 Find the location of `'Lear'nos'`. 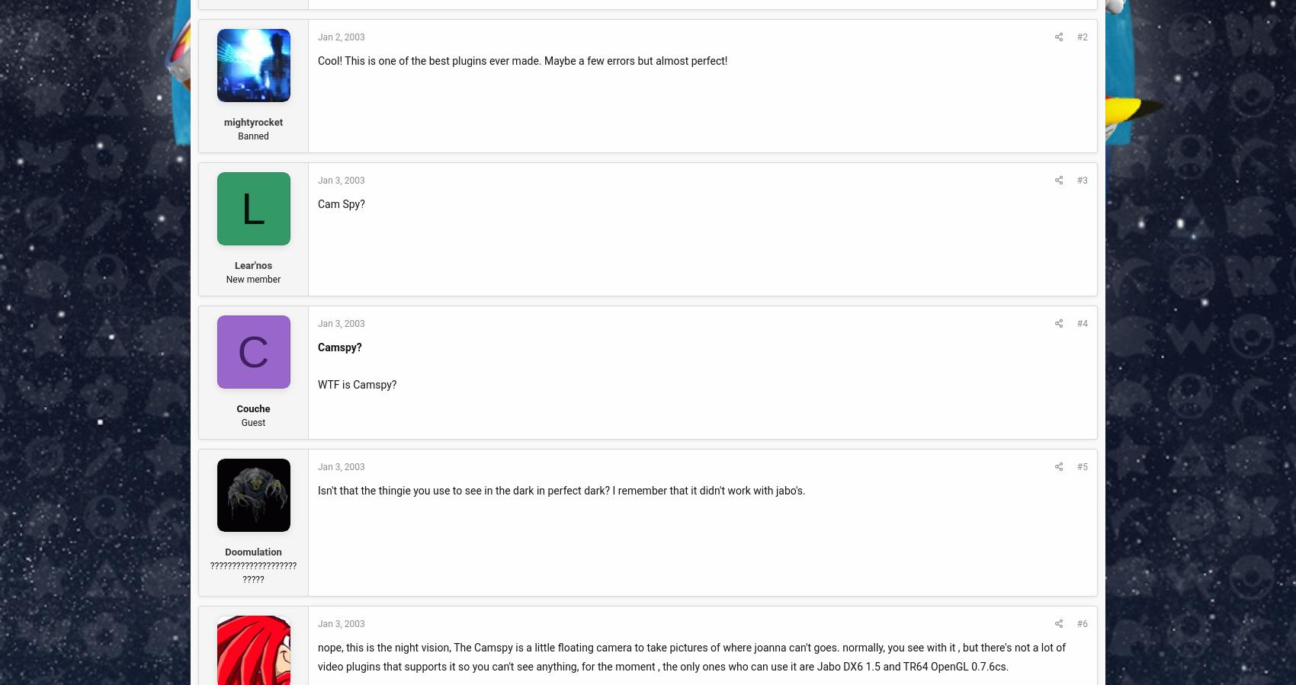

'Lear'nos' is located at coordinates (234, 264).